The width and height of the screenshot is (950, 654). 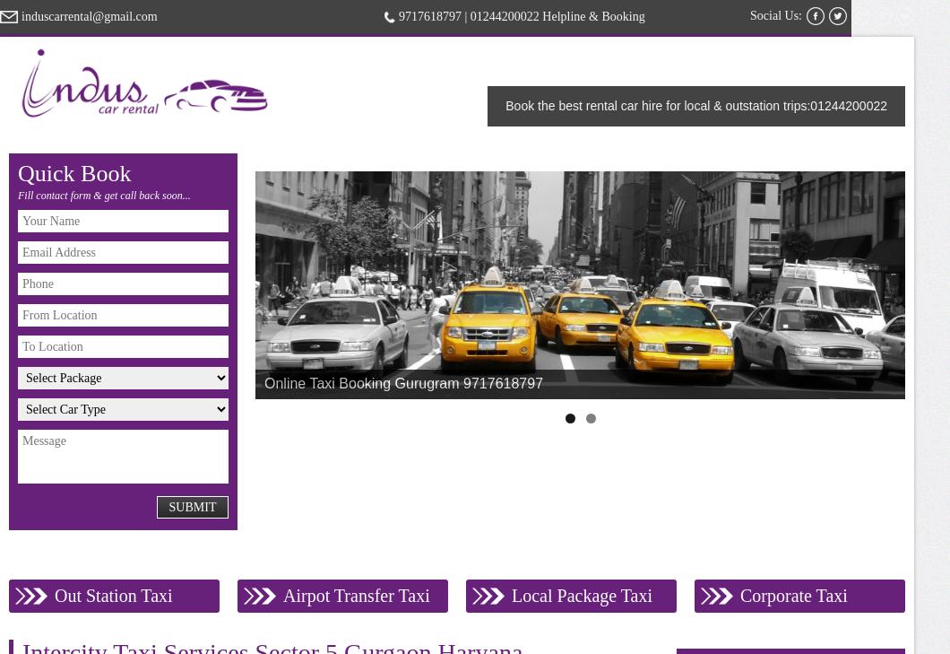 I want to click on 'Local Package Taxi', so click(x=582, y=595).